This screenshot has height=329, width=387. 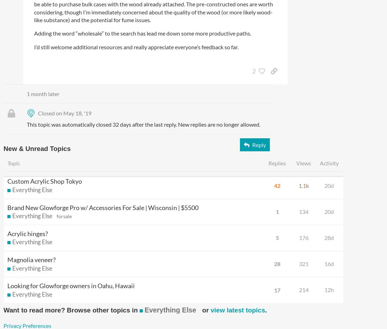 I want to click on '17', so click(x=277, y=290).